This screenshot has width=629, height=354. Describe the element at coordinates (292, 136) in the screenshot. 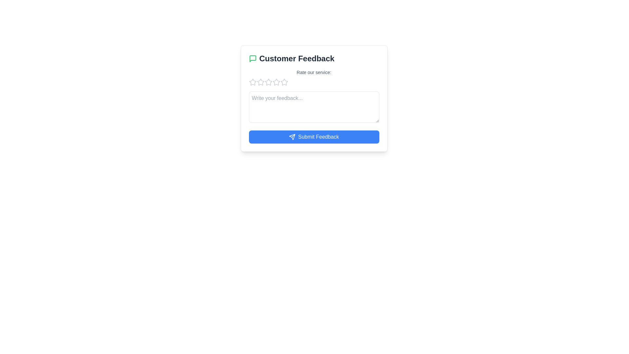

I see `the feedback submission icon located on the left side of the 'Submit Feedback' button, adjacent to the text label` at that location.